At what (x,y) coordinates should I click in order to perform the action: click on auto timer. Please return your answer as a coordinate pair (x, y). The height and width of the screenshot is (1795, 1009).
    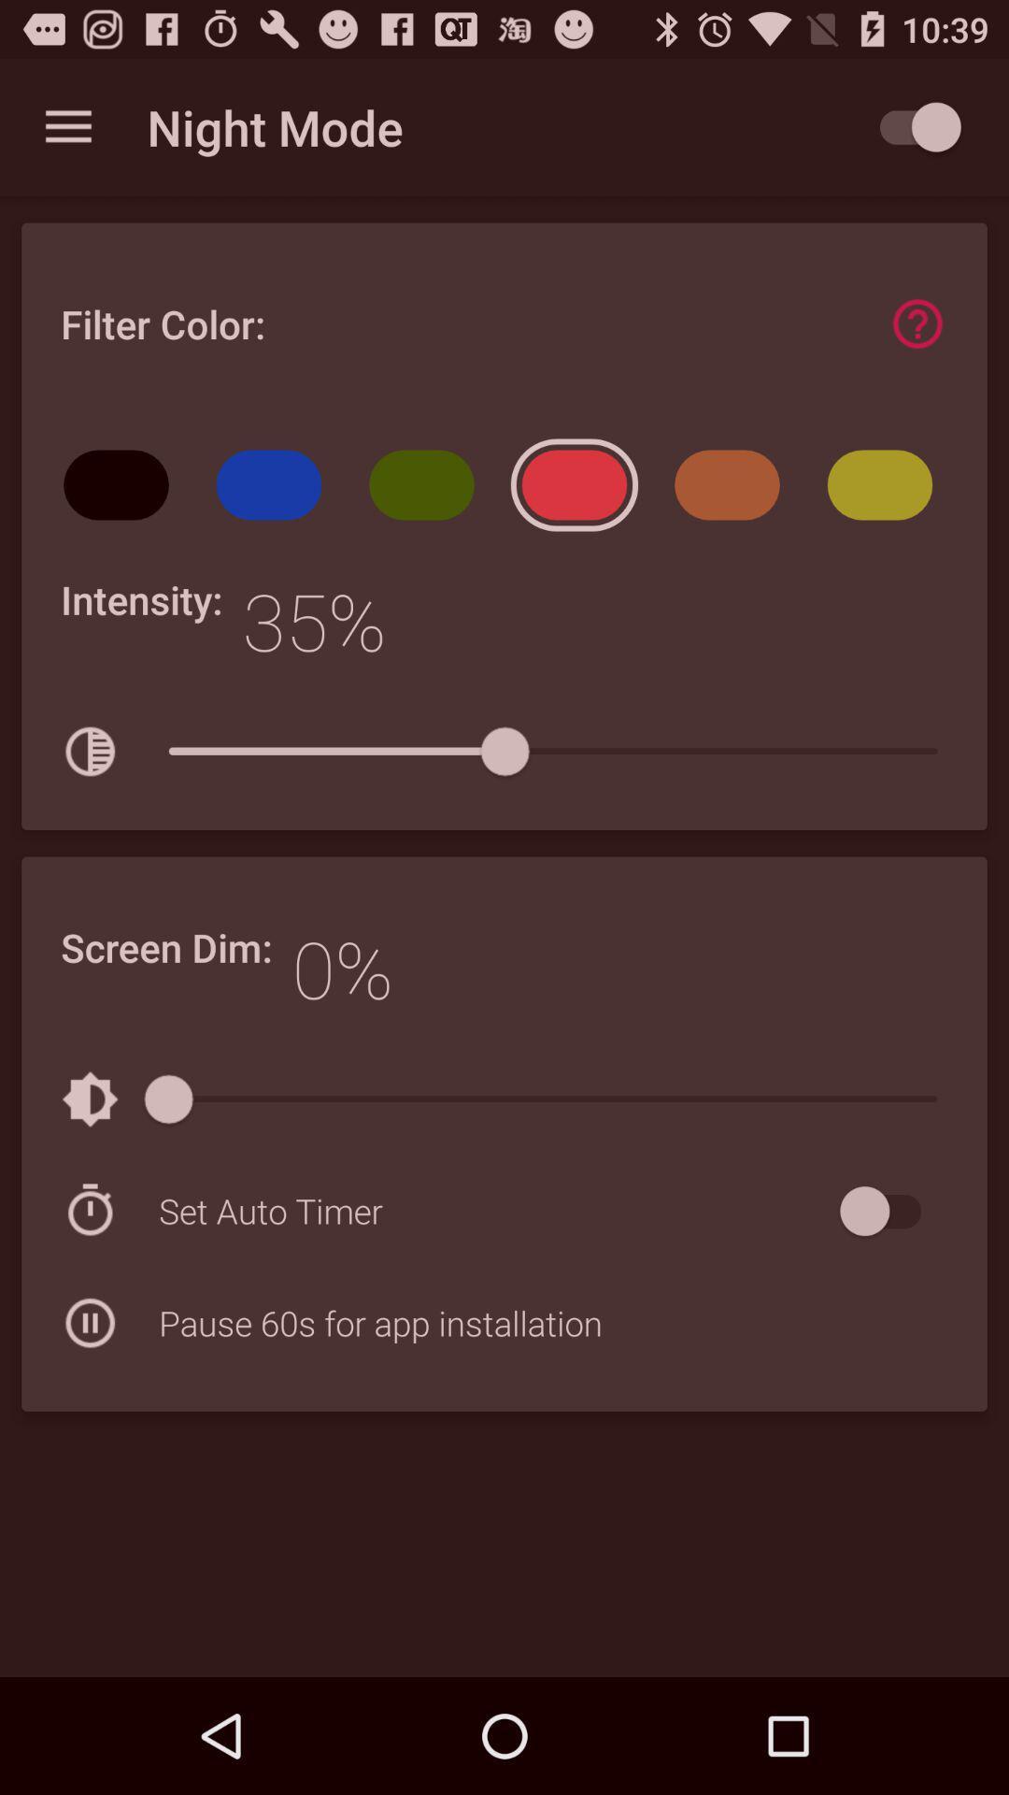
    Looking at the image, I should click on (888, 1211).